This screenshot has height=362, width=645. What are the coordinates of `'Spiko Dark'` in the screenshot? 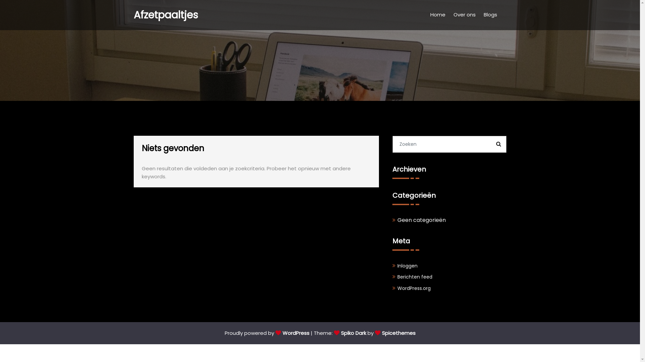 It's located at (349, 333).